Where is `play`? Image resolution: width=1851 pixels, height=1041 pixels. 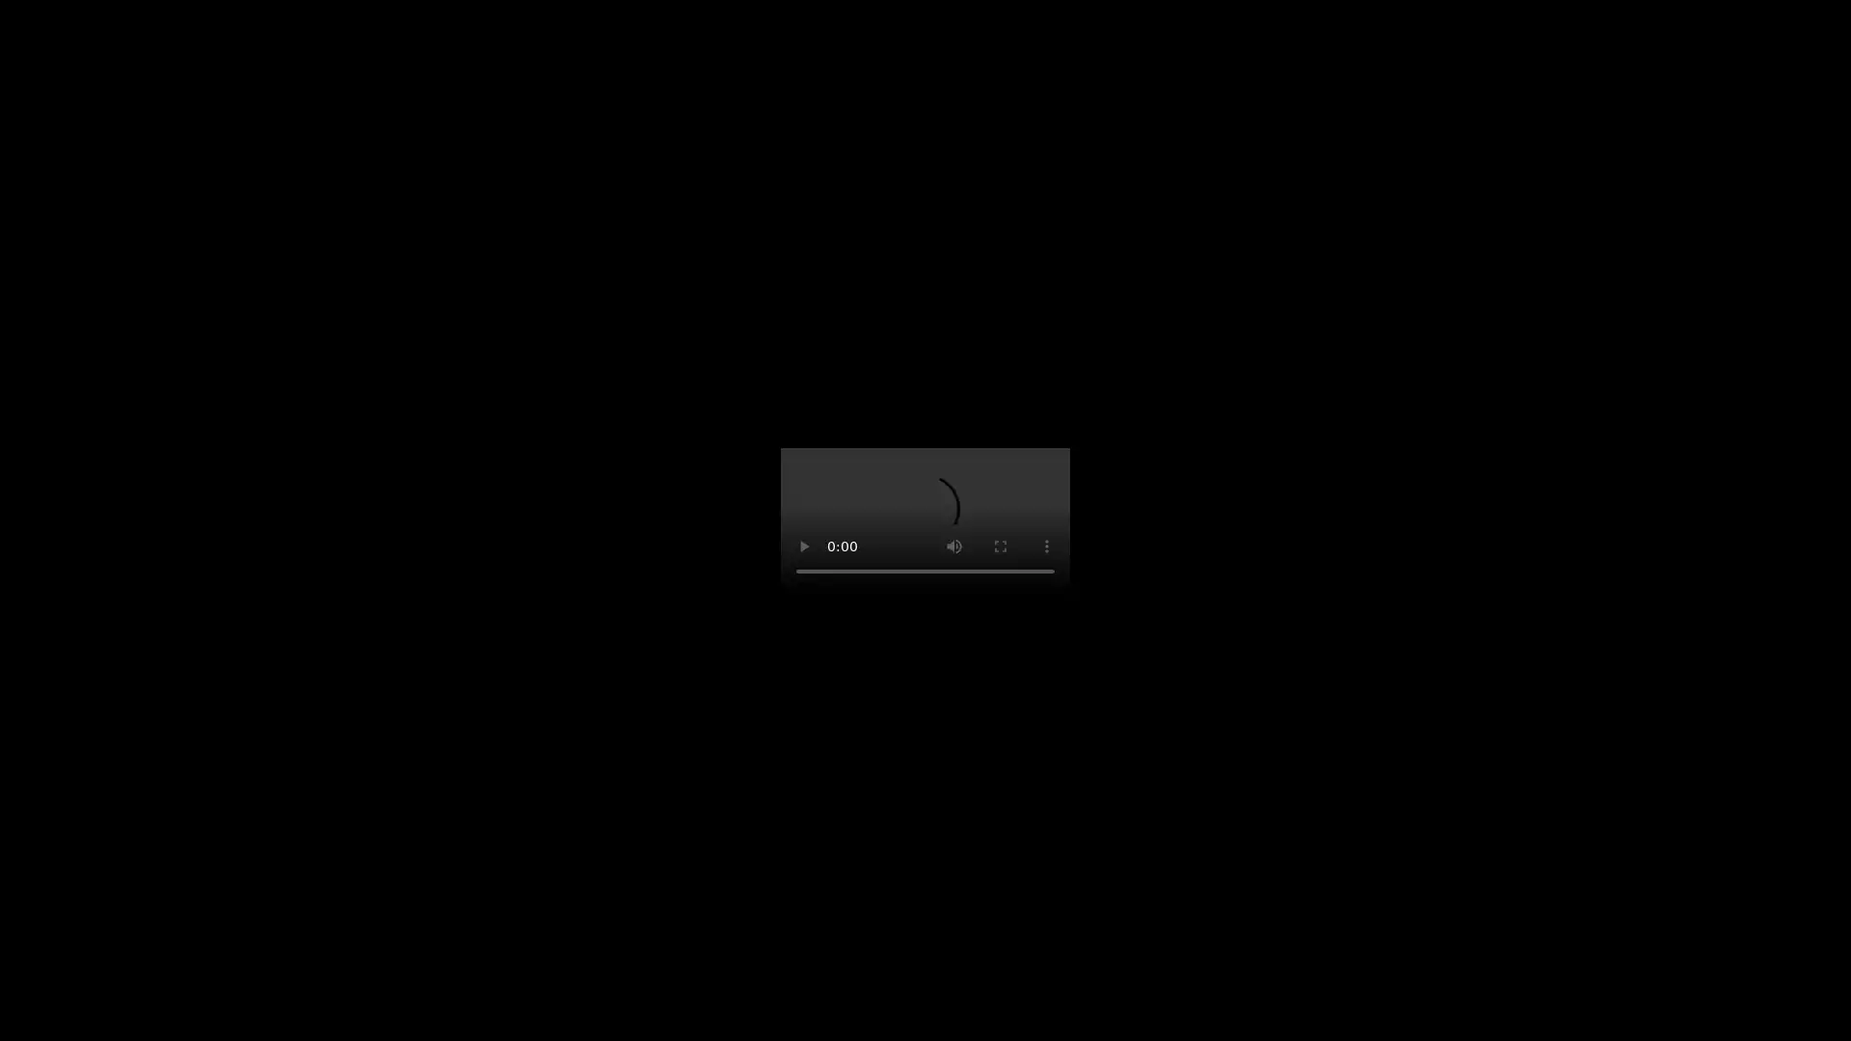
play is located at coordinates (804, 547).